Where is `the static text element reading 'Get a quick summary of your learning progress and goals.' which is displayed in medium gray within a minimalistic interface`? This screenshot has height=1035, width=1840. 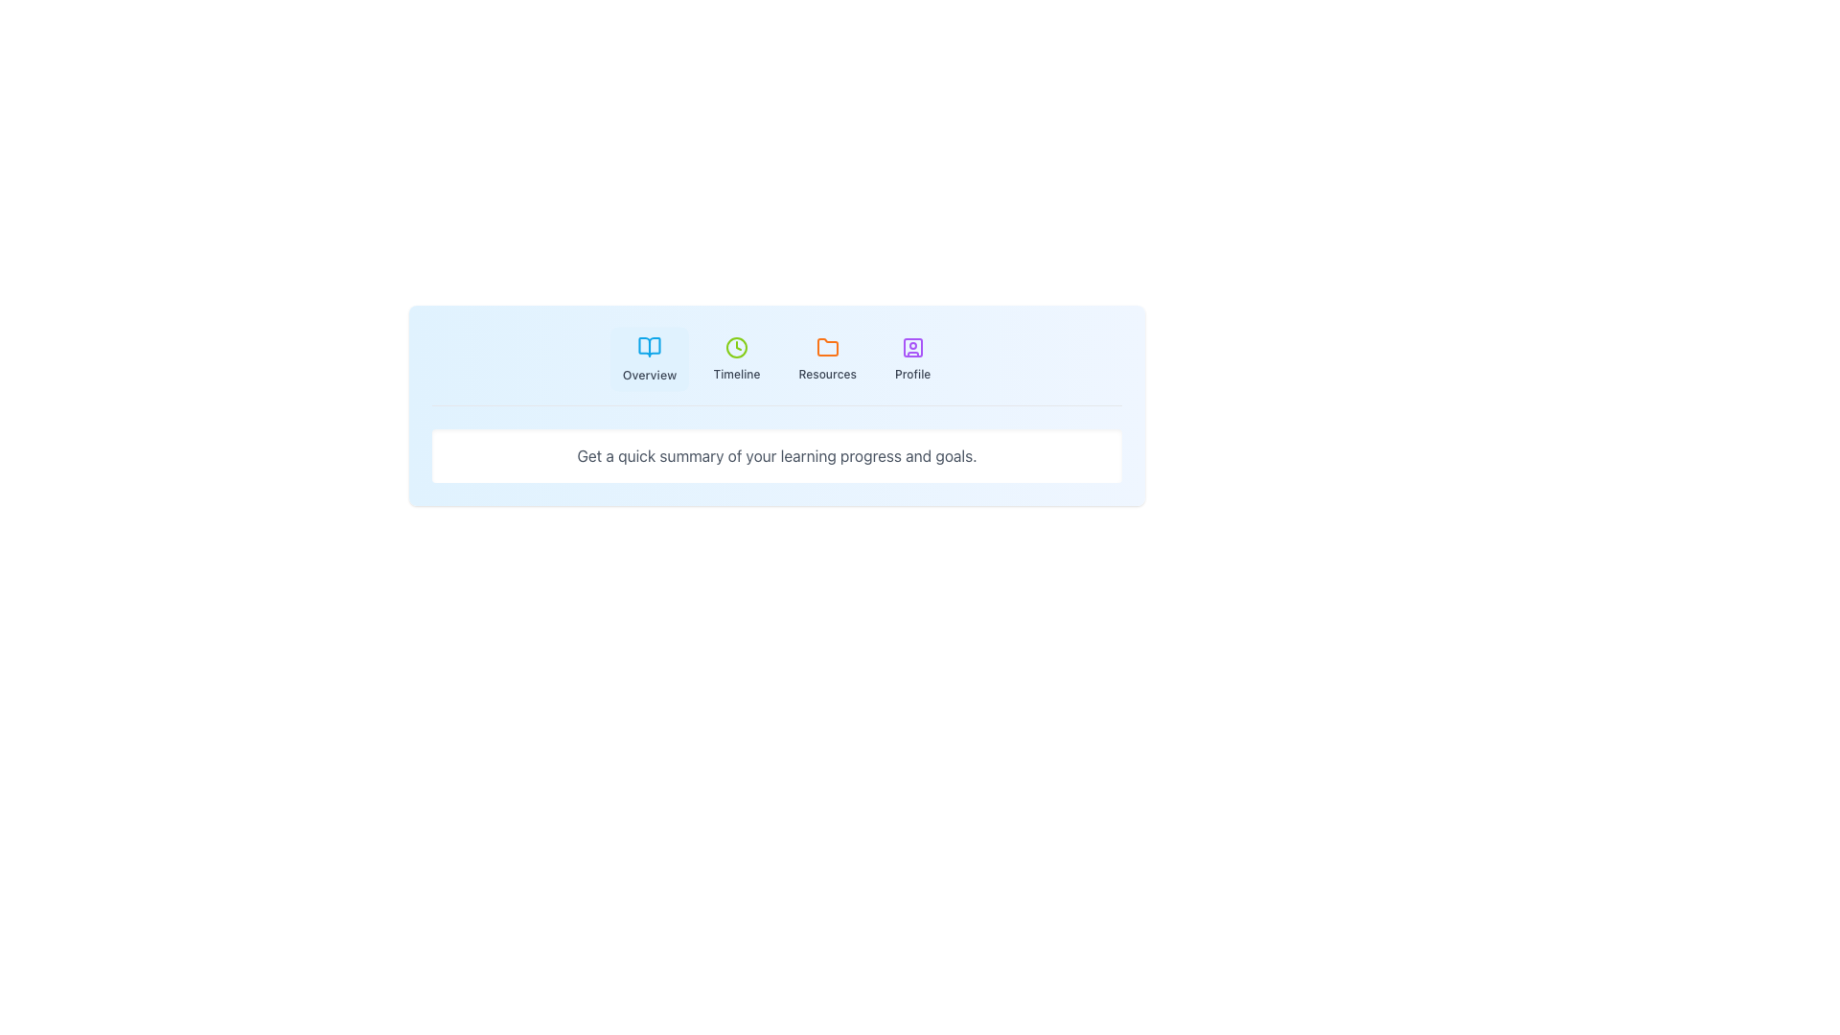 the static text element reading 'Get a quick summary of your learning progress and goals.' which is displayed in medium gray within a minimalistic interface is located at coordinates (777, 455).